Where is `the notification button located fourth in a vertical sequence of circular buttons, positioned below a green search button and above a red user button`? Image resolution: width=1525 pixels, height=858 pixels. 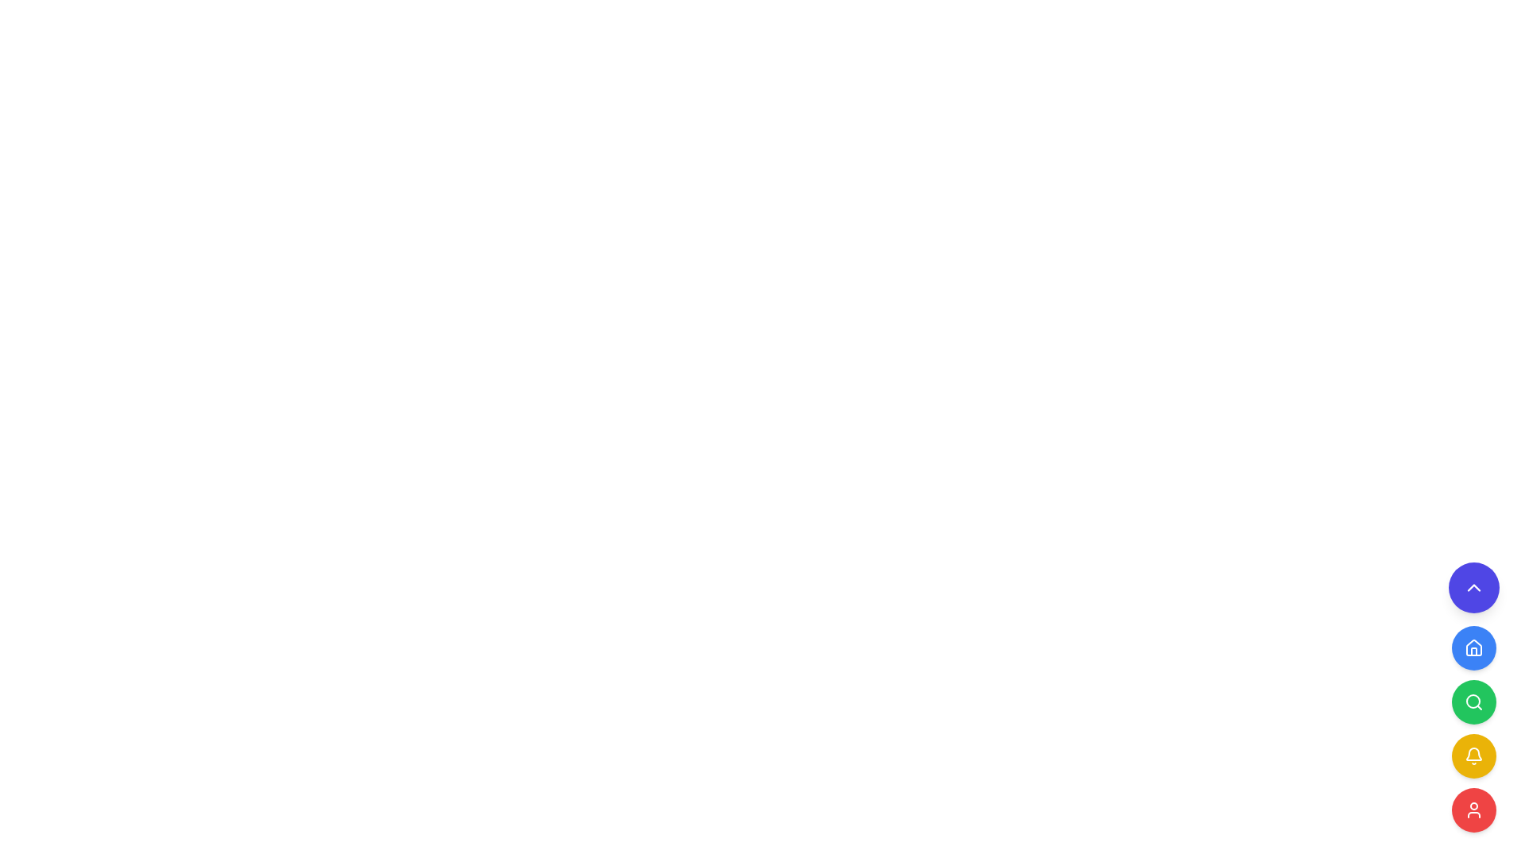
the notification button located fourth in a vertical sequence of circular buttons, positioned below a green search button and above a red user button is located at coordinates (1473, 756).